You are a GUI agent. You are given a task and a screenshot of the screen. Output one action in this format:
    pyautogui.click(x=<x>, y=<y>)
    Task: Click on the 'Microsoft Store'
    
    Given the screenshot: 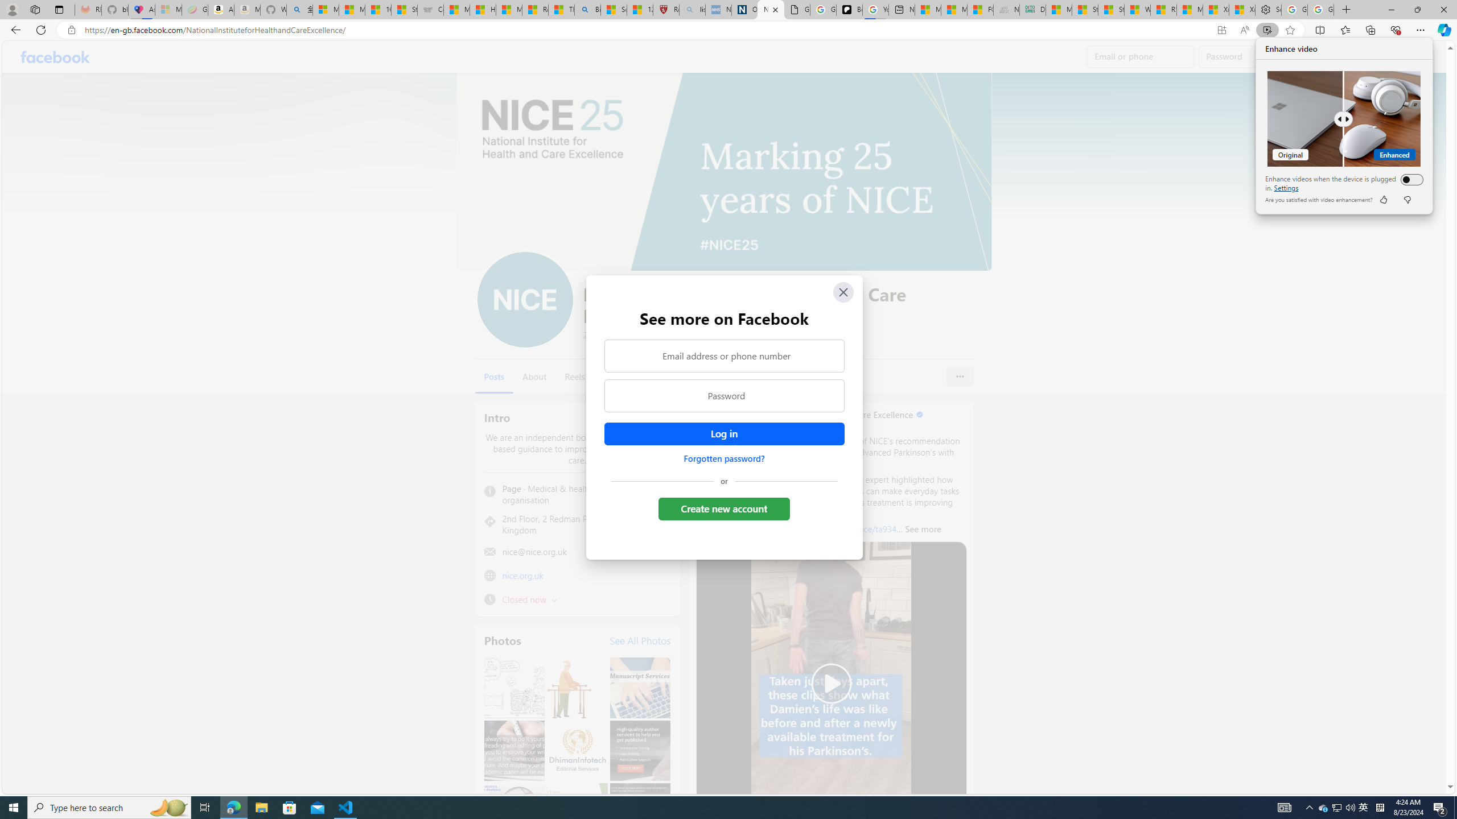 What is the action you would take?
    pyautogui.click(x=290, y=806)
    